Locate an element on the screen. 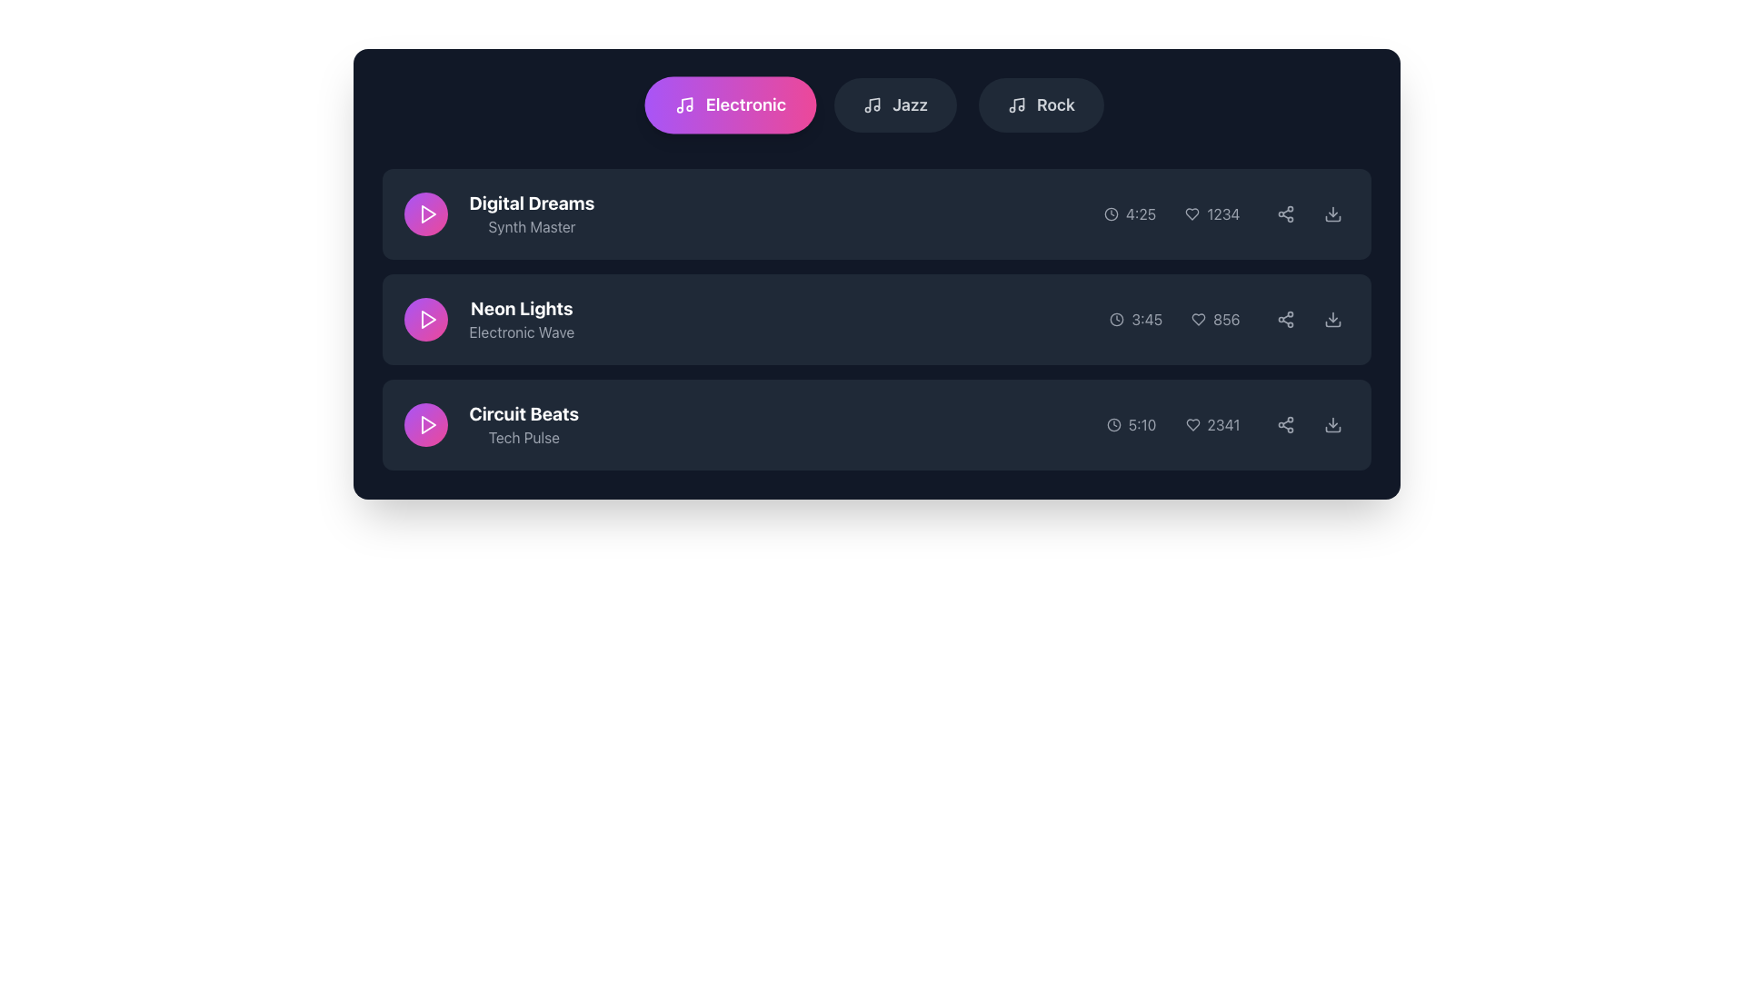  the SVG Circle element that is part of the clock icon, positioned adjacent to the text '3:45' under the 'Neon Lights' track entry is located at coordinates (1116, 318).